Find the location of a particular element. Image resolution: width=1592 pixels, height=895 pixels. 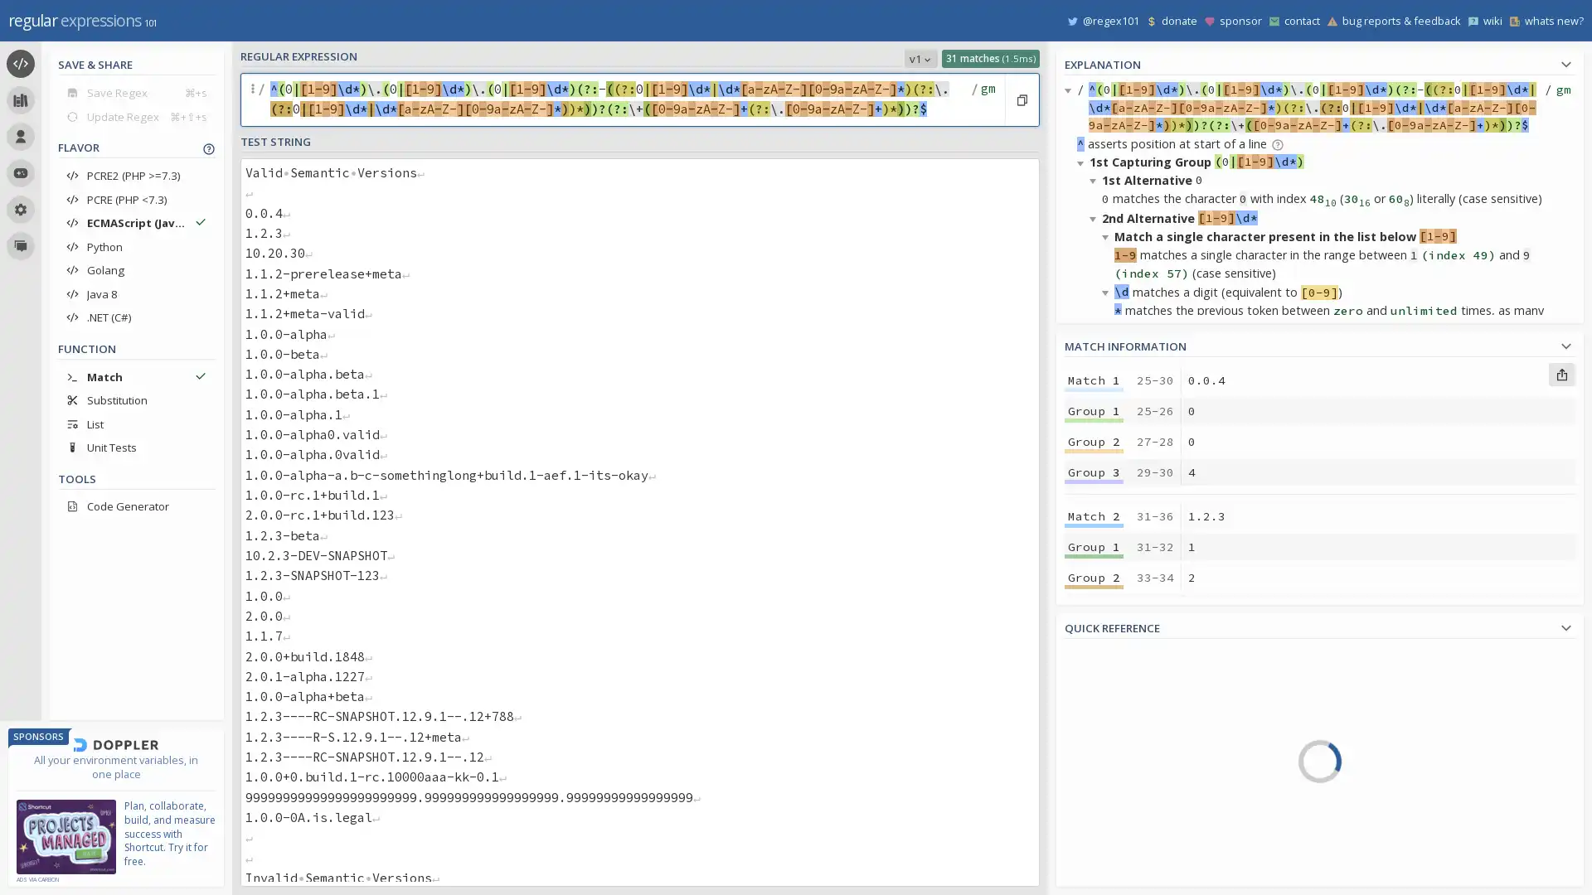

Match 3 is located at coordinates (1094, 651).